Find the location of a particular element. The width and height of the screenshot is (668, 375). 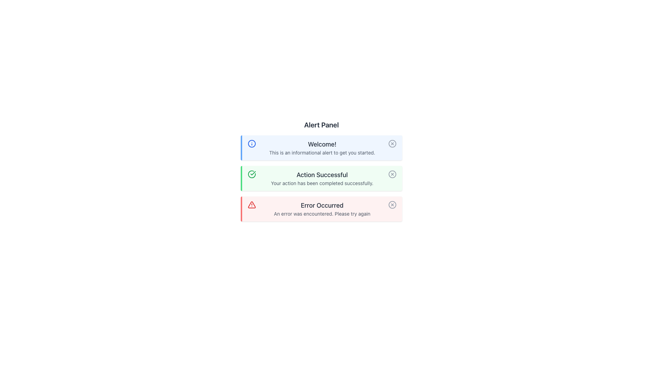

descriptive text in the warning message box titled 'Error Occurred' that states 'An error was encountered. Please try again' is located at coordinates (321, 208).